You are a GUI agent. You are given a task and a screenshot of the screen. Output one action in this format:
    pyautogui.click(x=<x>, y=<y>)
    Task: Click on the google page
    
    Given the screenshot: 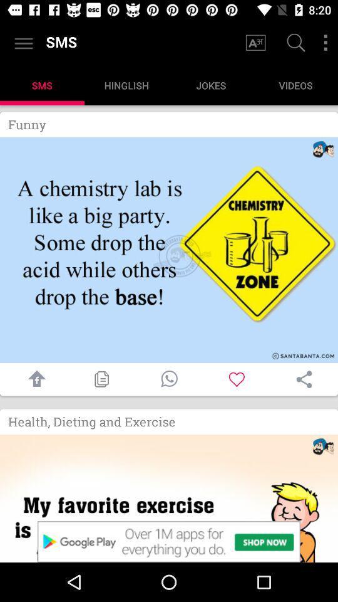 What is the action you would take?
    pyautogui.click(x=294, y=44)
    